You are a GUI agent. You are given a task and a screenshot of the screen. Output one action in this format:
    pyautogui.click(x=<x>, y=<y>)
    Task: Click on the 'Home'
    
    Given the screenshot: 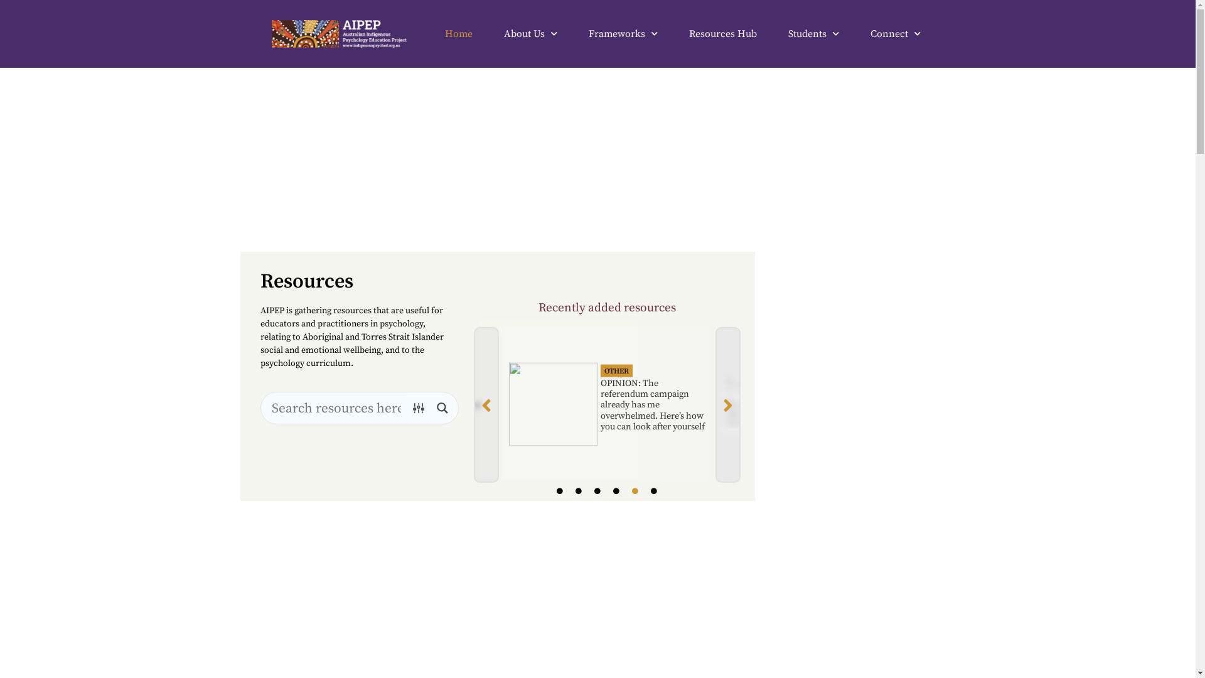 What is the action you would take?
    pyautogui.click(x=458, y=33)
    